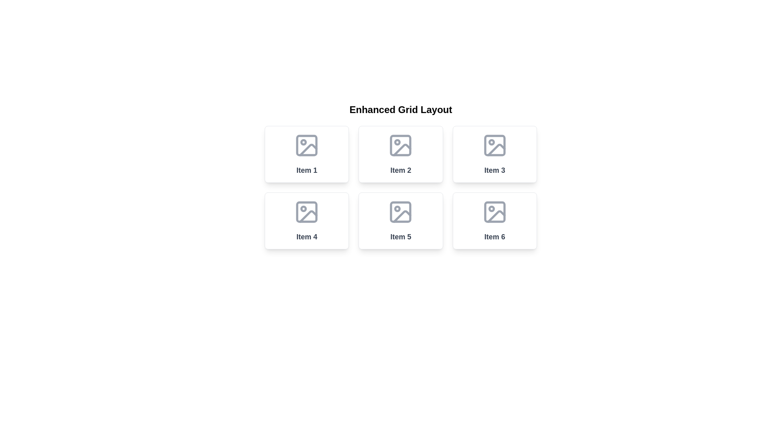 Image resolution: width=770 pixels, height=433 pixels. I want to click on the text label, so click(494, 236).